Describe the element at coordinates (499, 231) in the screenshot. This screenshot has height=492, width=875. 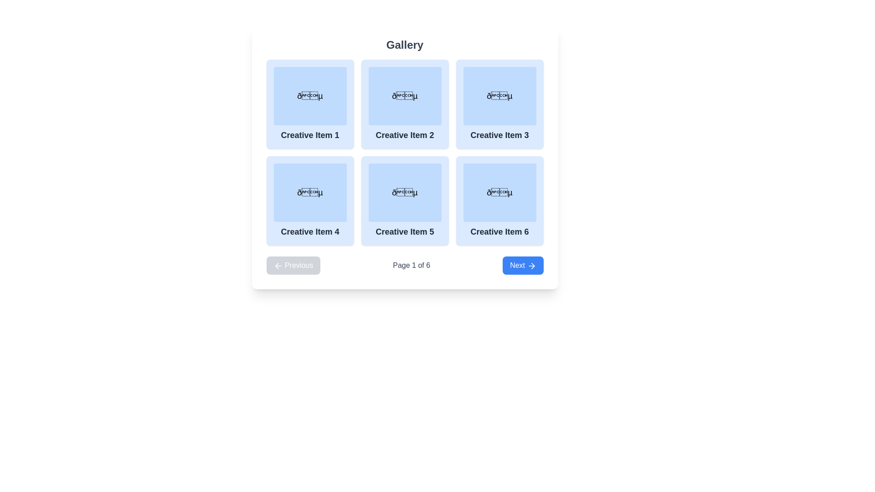
I see `the text label identifying the card as 'Creative Item 6', located at the bottom of the last card in a 2x3 grid layout` at that location.